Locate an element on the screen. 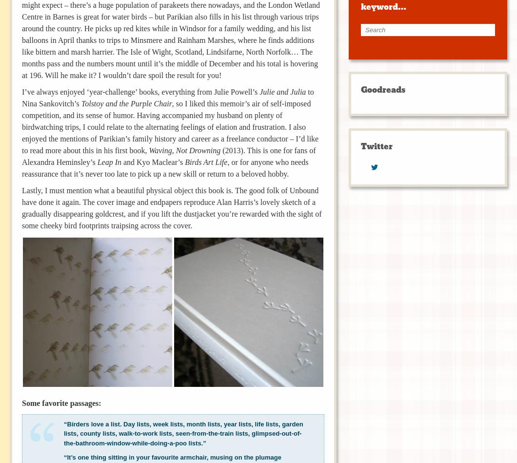  'Search' is located at coordinates (370, 30).